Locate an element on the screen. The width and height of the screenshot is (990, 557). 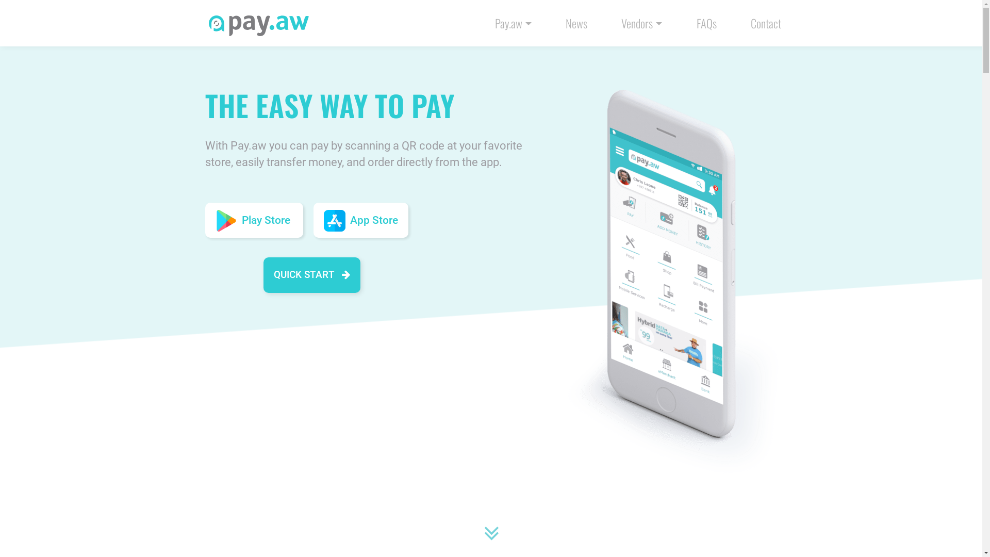
'Pay.aw' is located at coordinates (513, 23).